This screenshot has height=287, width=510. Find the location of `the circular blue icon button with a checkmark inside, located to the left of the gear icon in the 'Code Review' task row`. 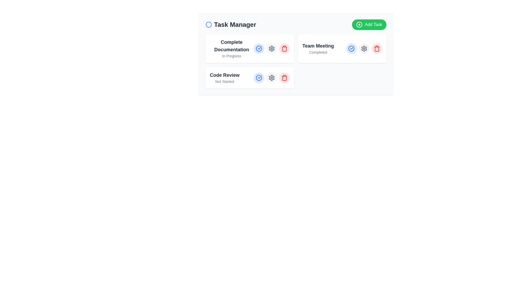

the circular blue icon button with a checkmark inside, located to the left of the gear icon in the 'Code Review' task row is located at coordinates (259, 78).